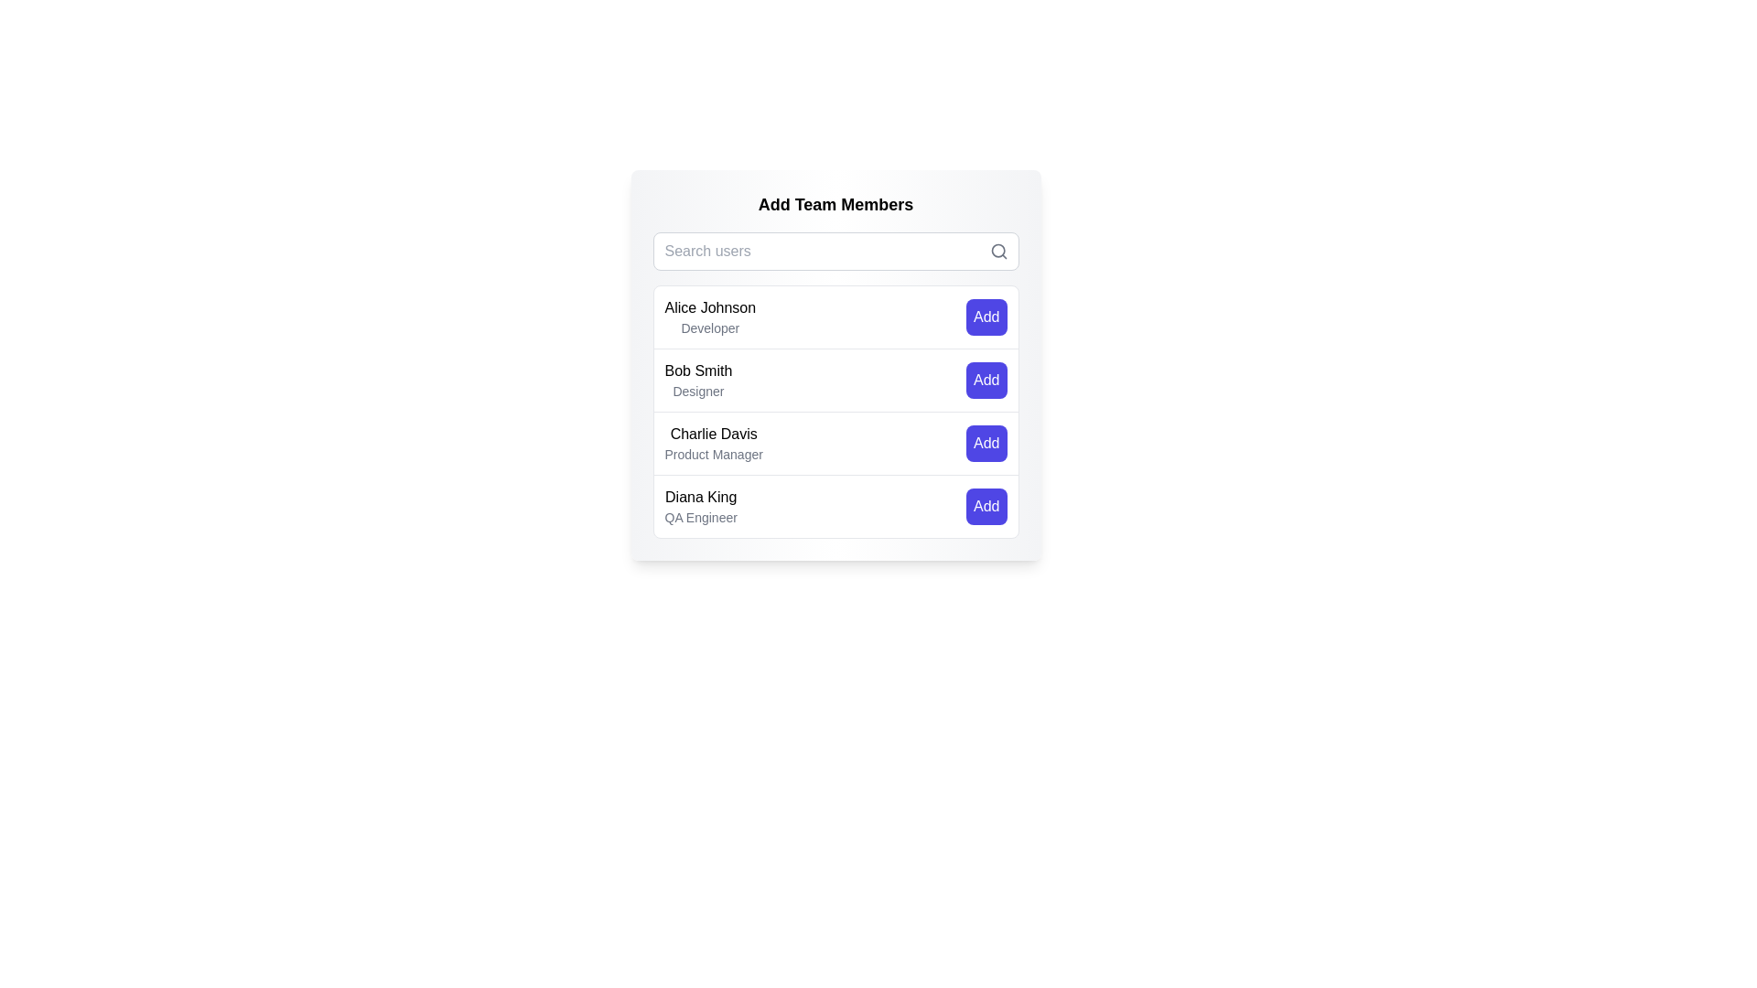 This screenshot has width=1757, height=988. What do you see at coordinates (713, 444) in the screenshot?
I see `the Text display that shows the name and title of a team member in the 'Add Team Members' card, located in the third row between 'Bob Smith - Designer' and 'Diana King - QA Engineer'` at bounding box center [713, 444].